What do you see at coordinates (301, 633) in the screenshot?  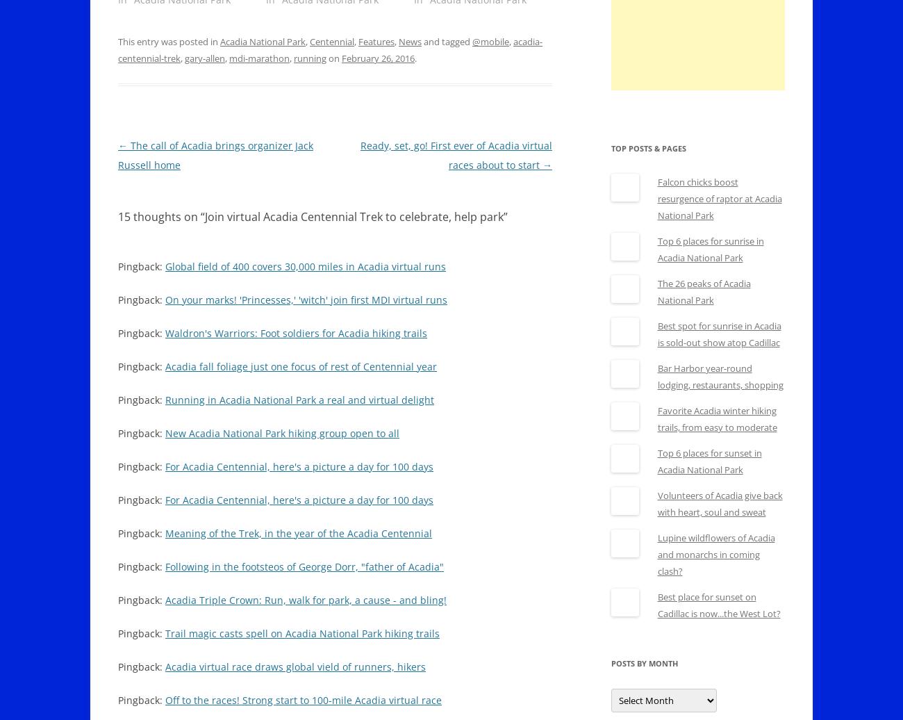 I see `'Trail magic casts spell on Acadia National Park hiking trails'` at bounding box center [301, 633].